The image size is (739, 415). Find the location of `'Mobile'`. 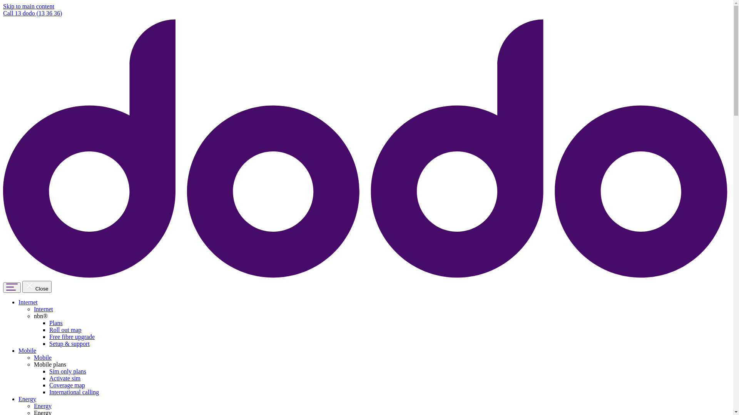

'Mobile' is located at coordinates (42, 357).